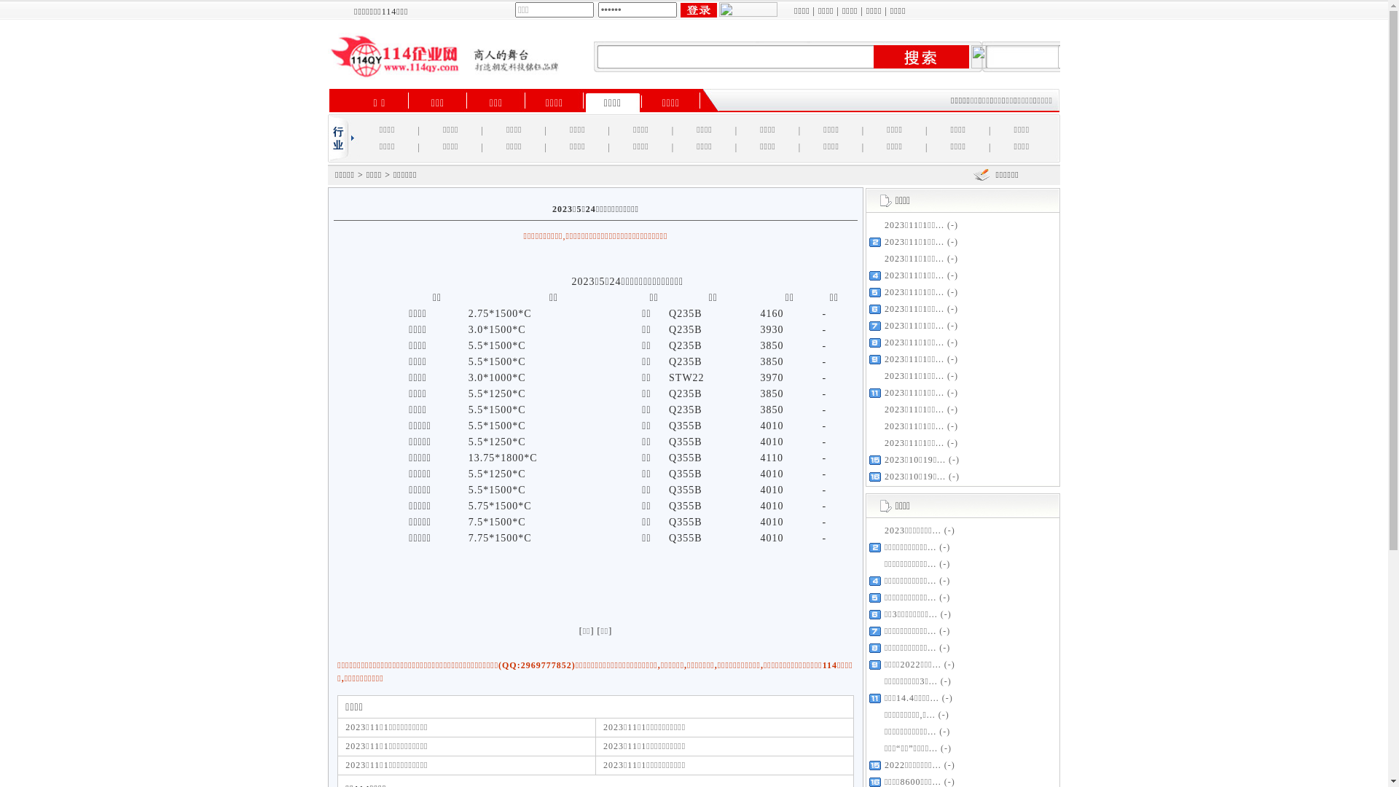 The height and width of the screenshot is (787, 1399). What do you see at coordinates (698, 10) in the screenshot?
I see `' '` at bounding box center [698, 10].